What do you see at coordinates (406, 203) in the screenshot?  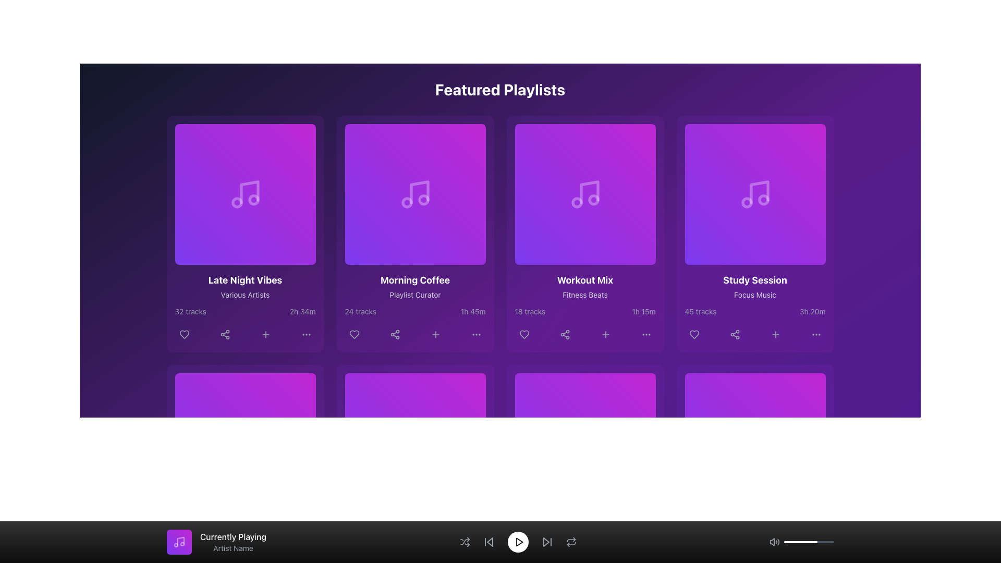 I see `the second circle of the decorative musical icon within the 'Morning Coffee' playlist card` at bounding box center [406, 203].